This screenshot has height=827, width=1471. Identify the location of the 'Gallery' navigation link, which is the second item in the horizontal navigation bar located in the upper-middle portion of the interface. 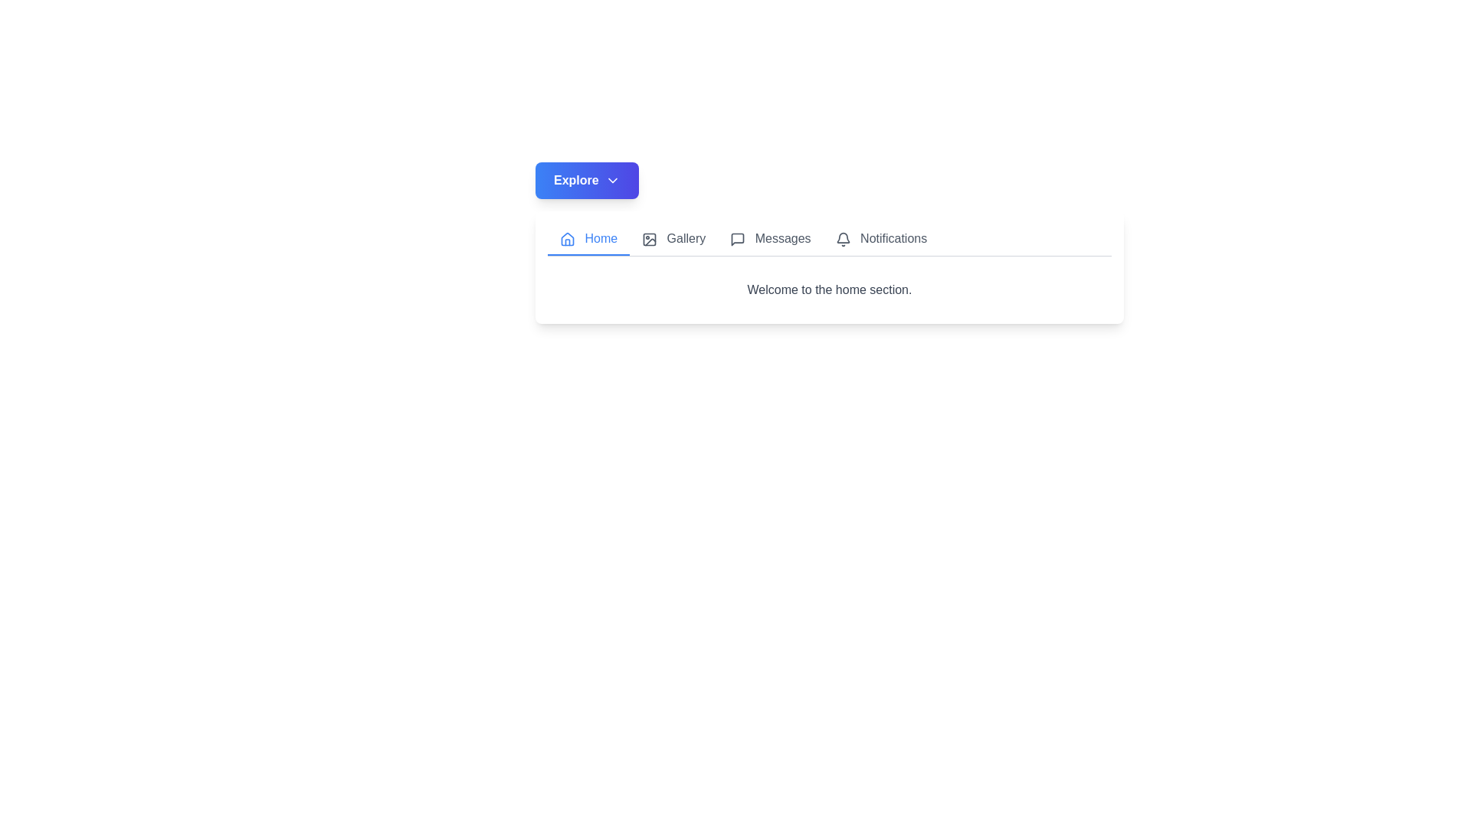
(673, 239).